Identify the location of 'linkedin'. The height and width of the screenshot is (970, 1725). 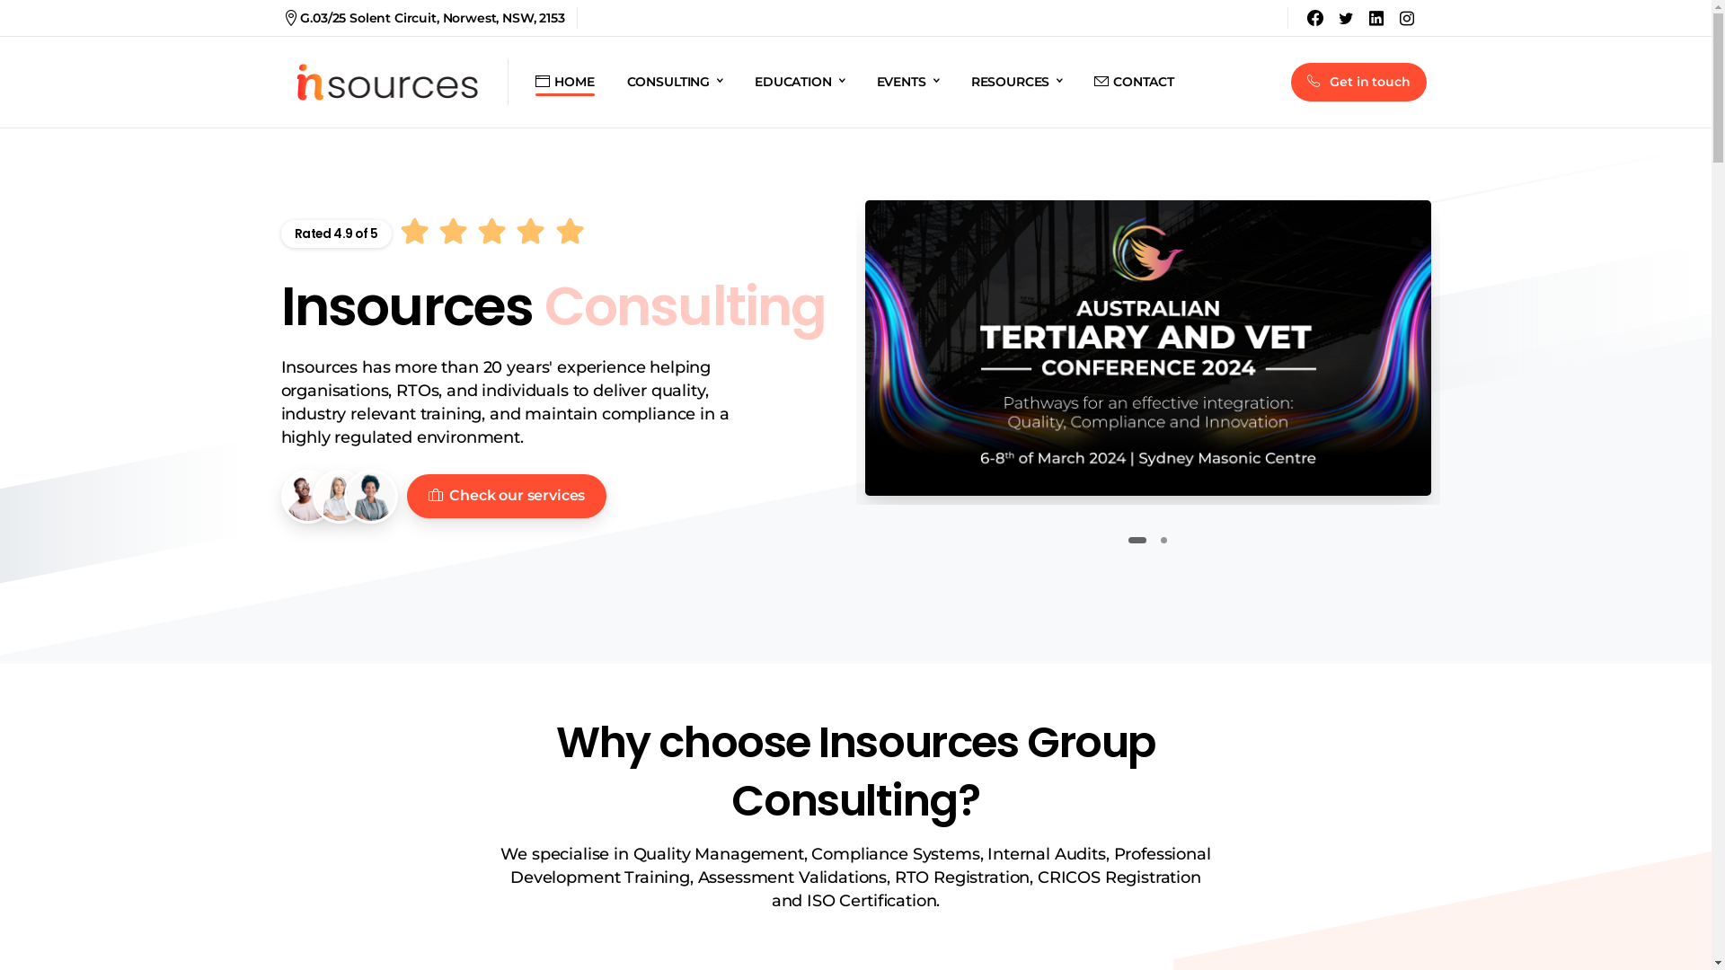
(1375, 17).